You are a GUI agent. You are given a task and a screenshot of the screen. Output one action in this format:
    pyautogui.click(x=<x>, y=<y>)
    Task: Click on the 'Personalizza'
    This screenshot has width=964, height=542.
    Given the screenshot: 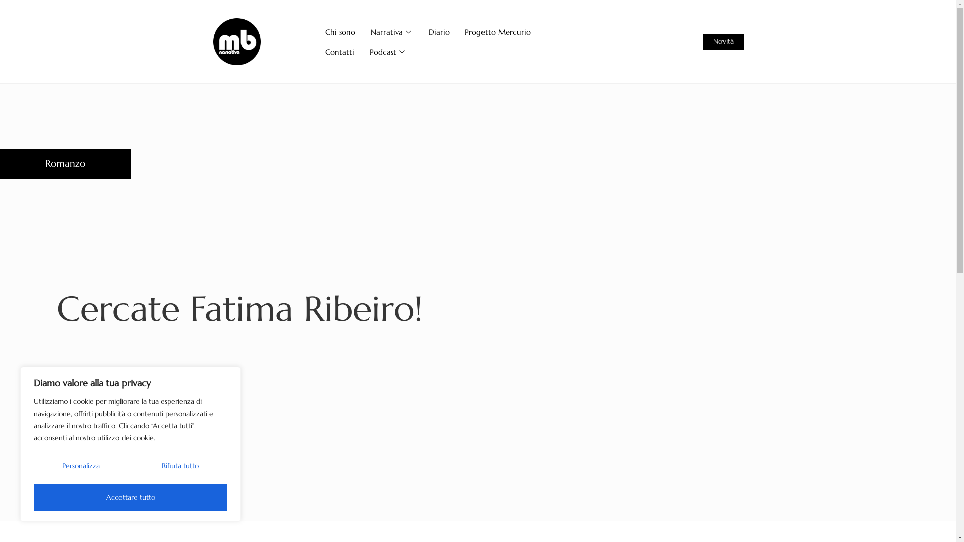 What is the action you would take?
    pyautogui.click(x=81, y=465)
    